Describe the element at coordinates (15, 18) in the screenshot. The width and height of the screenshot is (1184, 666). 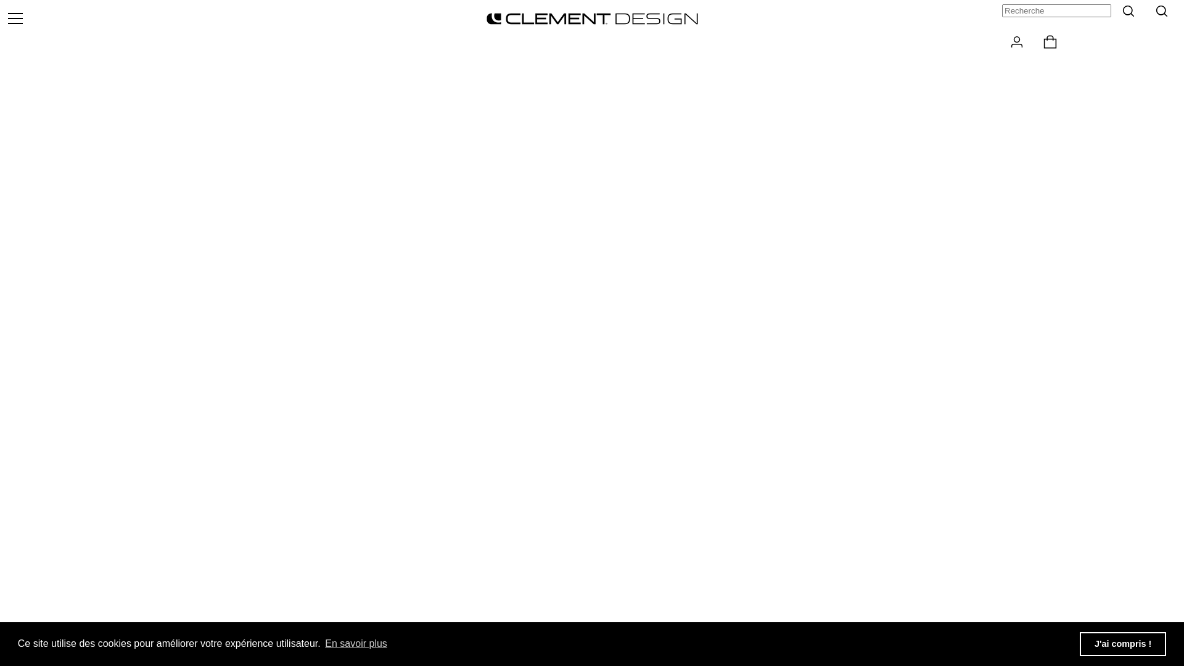
I see `'MENU'` at that location.